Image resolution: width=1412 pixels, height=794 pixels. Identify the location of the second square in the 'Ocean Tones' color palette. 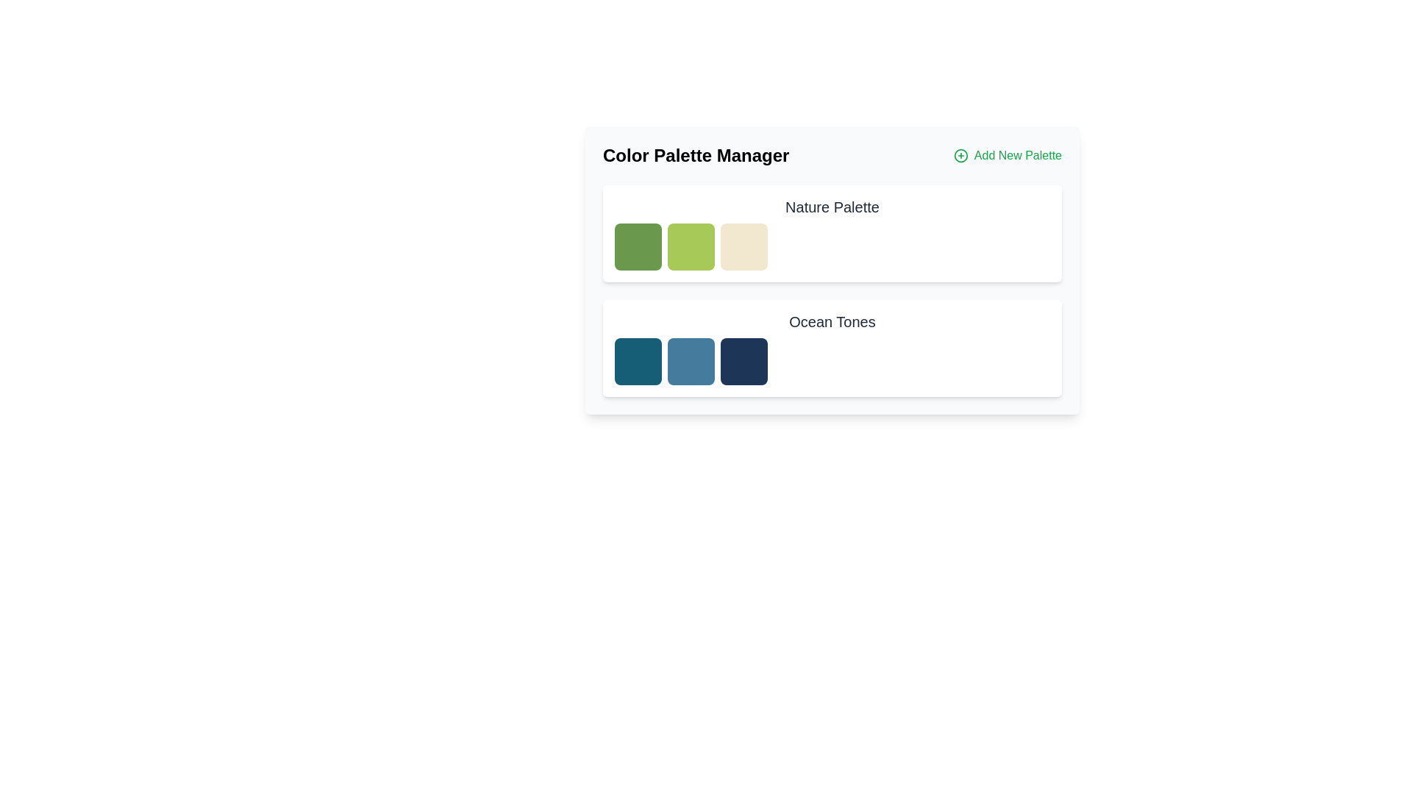
(691, 362).